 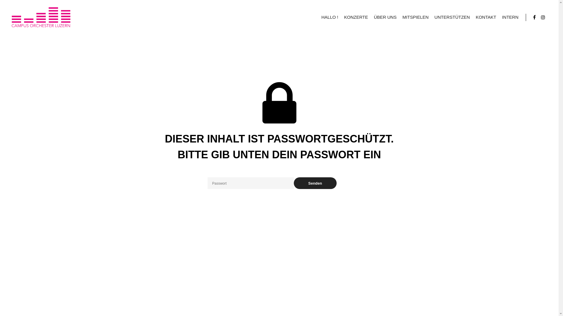 I want to click on 'HALLO !', so click(x=330, y=17).